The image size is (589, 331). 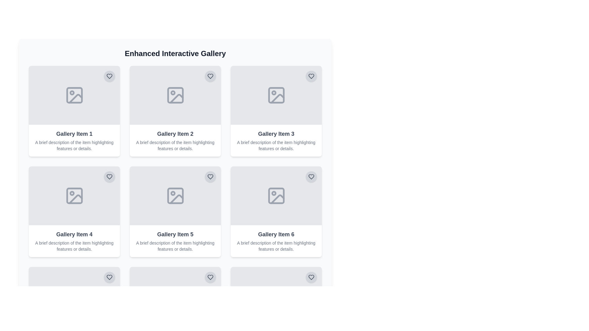 I want to click on the small, circular favorite button with a gray background and heart icon located in the top-right corner of the gallery item in the second row and third column, so click(x=210, y=277).